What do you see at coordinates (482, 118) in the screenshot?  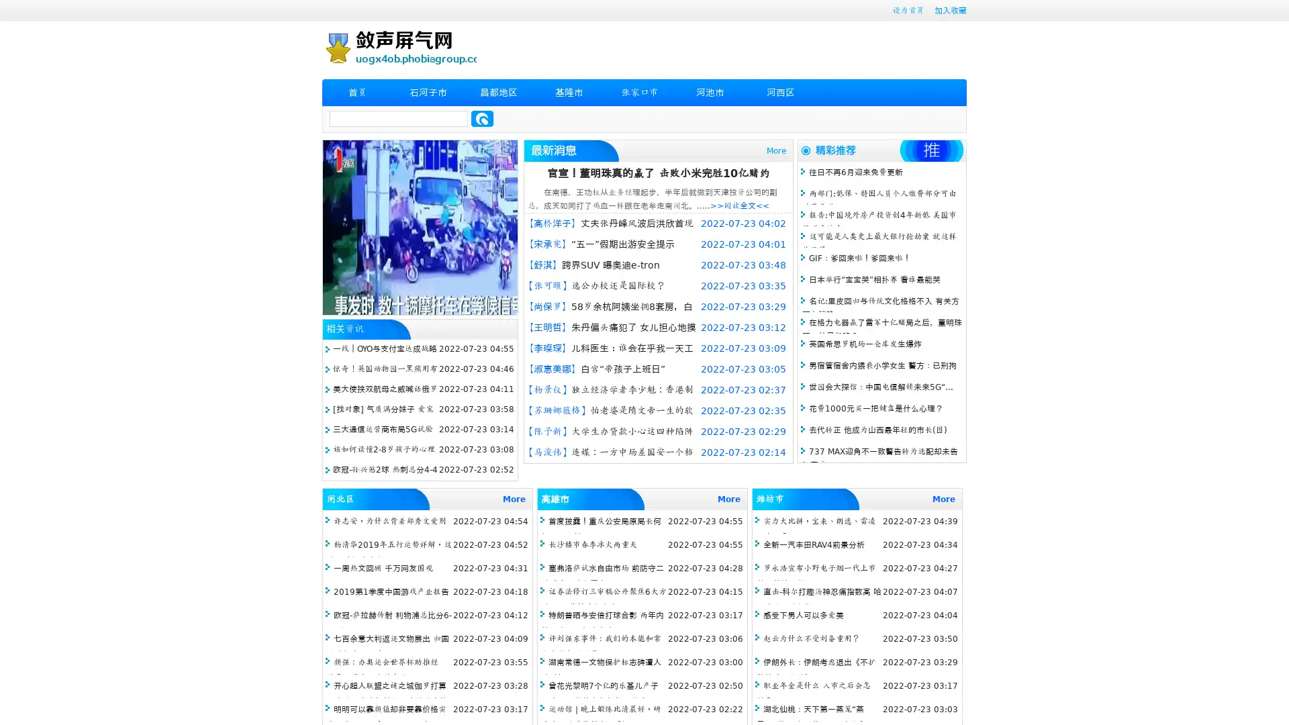 I see `Search` at bounding box center [482, 118].